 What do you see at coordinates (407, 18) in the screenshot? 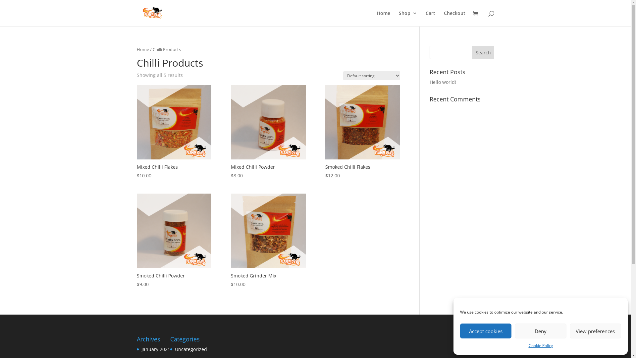
I see `'Shop'` at bounding box center [407, 18].